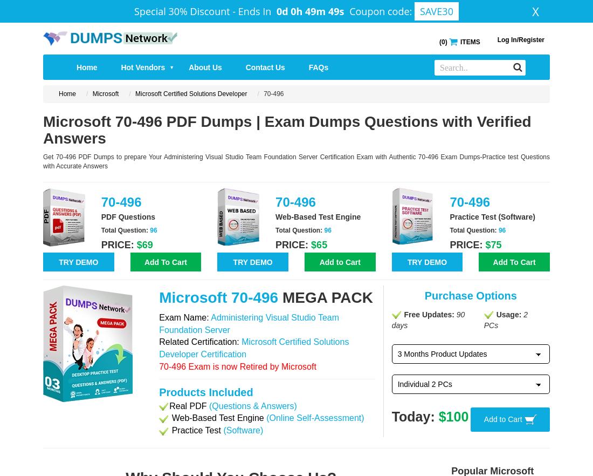 The height and width of the screenshot is (476, 593). What do you see at coordinates (254, 11) in the screenshot?
I see `'Ends In'` at bounding box center [254, 11].